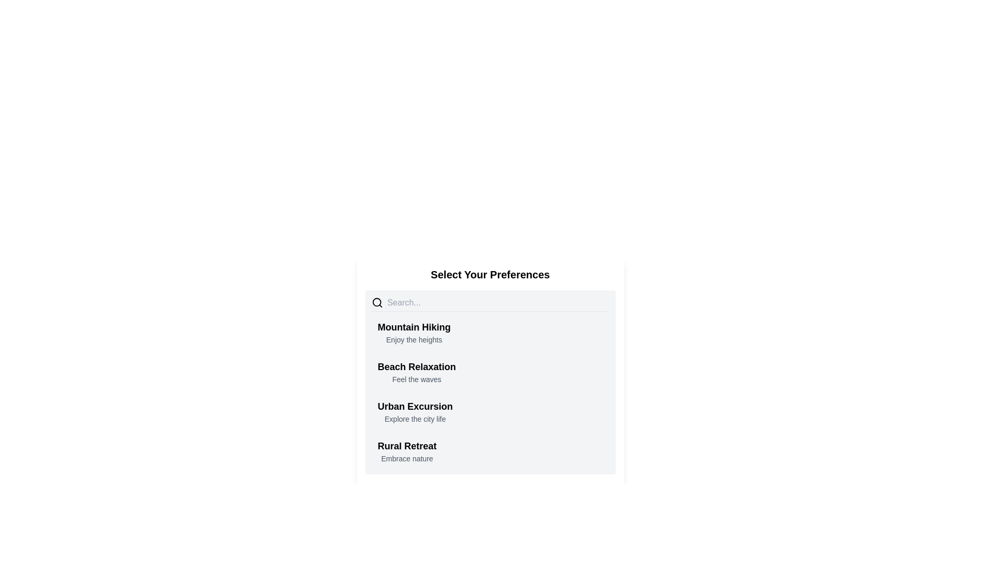  I want to click on the 'Urban Excursion' list item, so click(490, 411).